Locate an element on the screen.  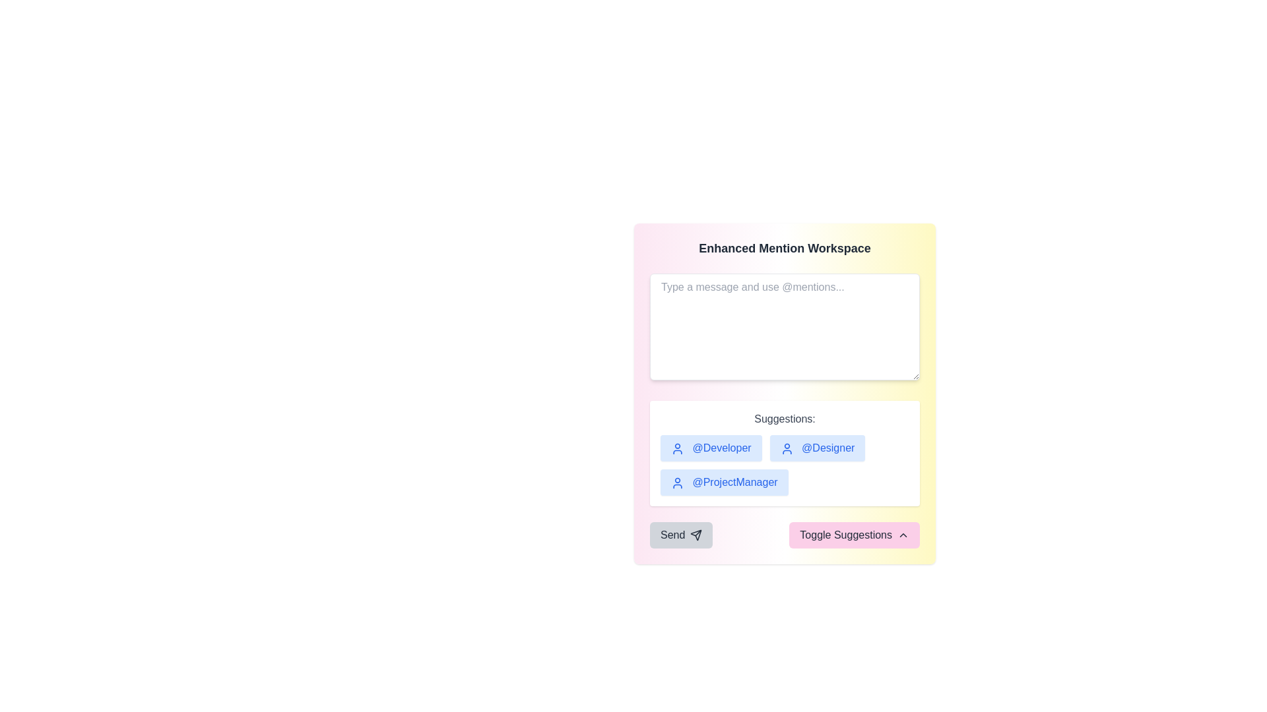
the user icon, which has a circular head and semi-circular shoulders, located is located at coordinates (678, 483).